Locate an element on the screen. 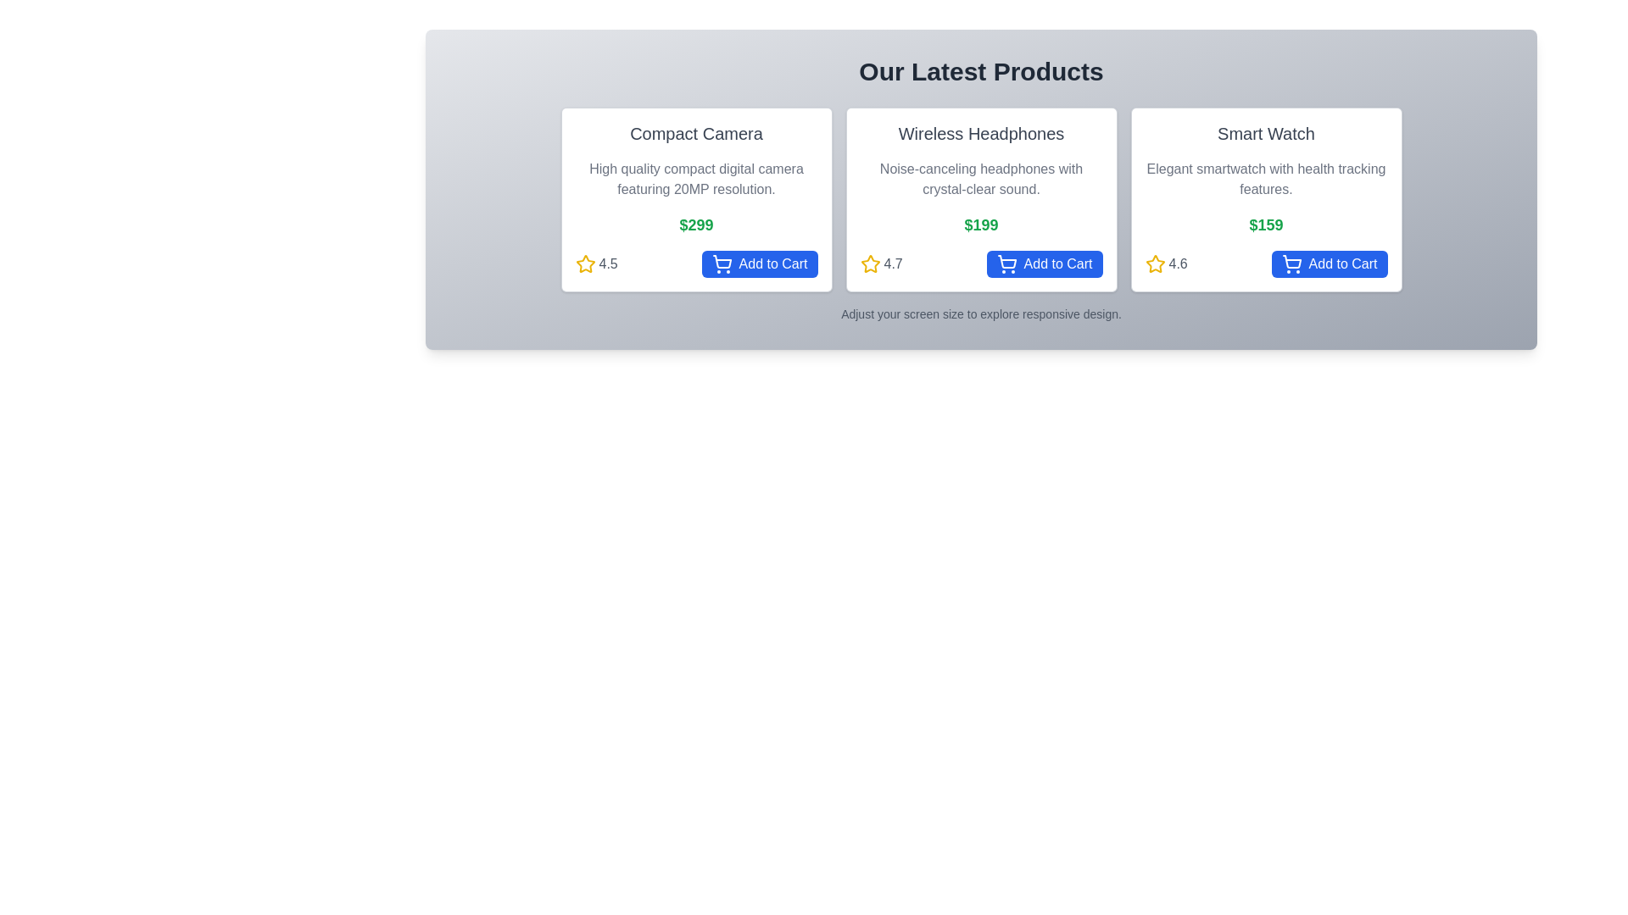 This screenshot has height=915, width=1628. the yellow star icon adjacent to the rating number for 'Wireless Headphones' is located at coordinates (870, 263).